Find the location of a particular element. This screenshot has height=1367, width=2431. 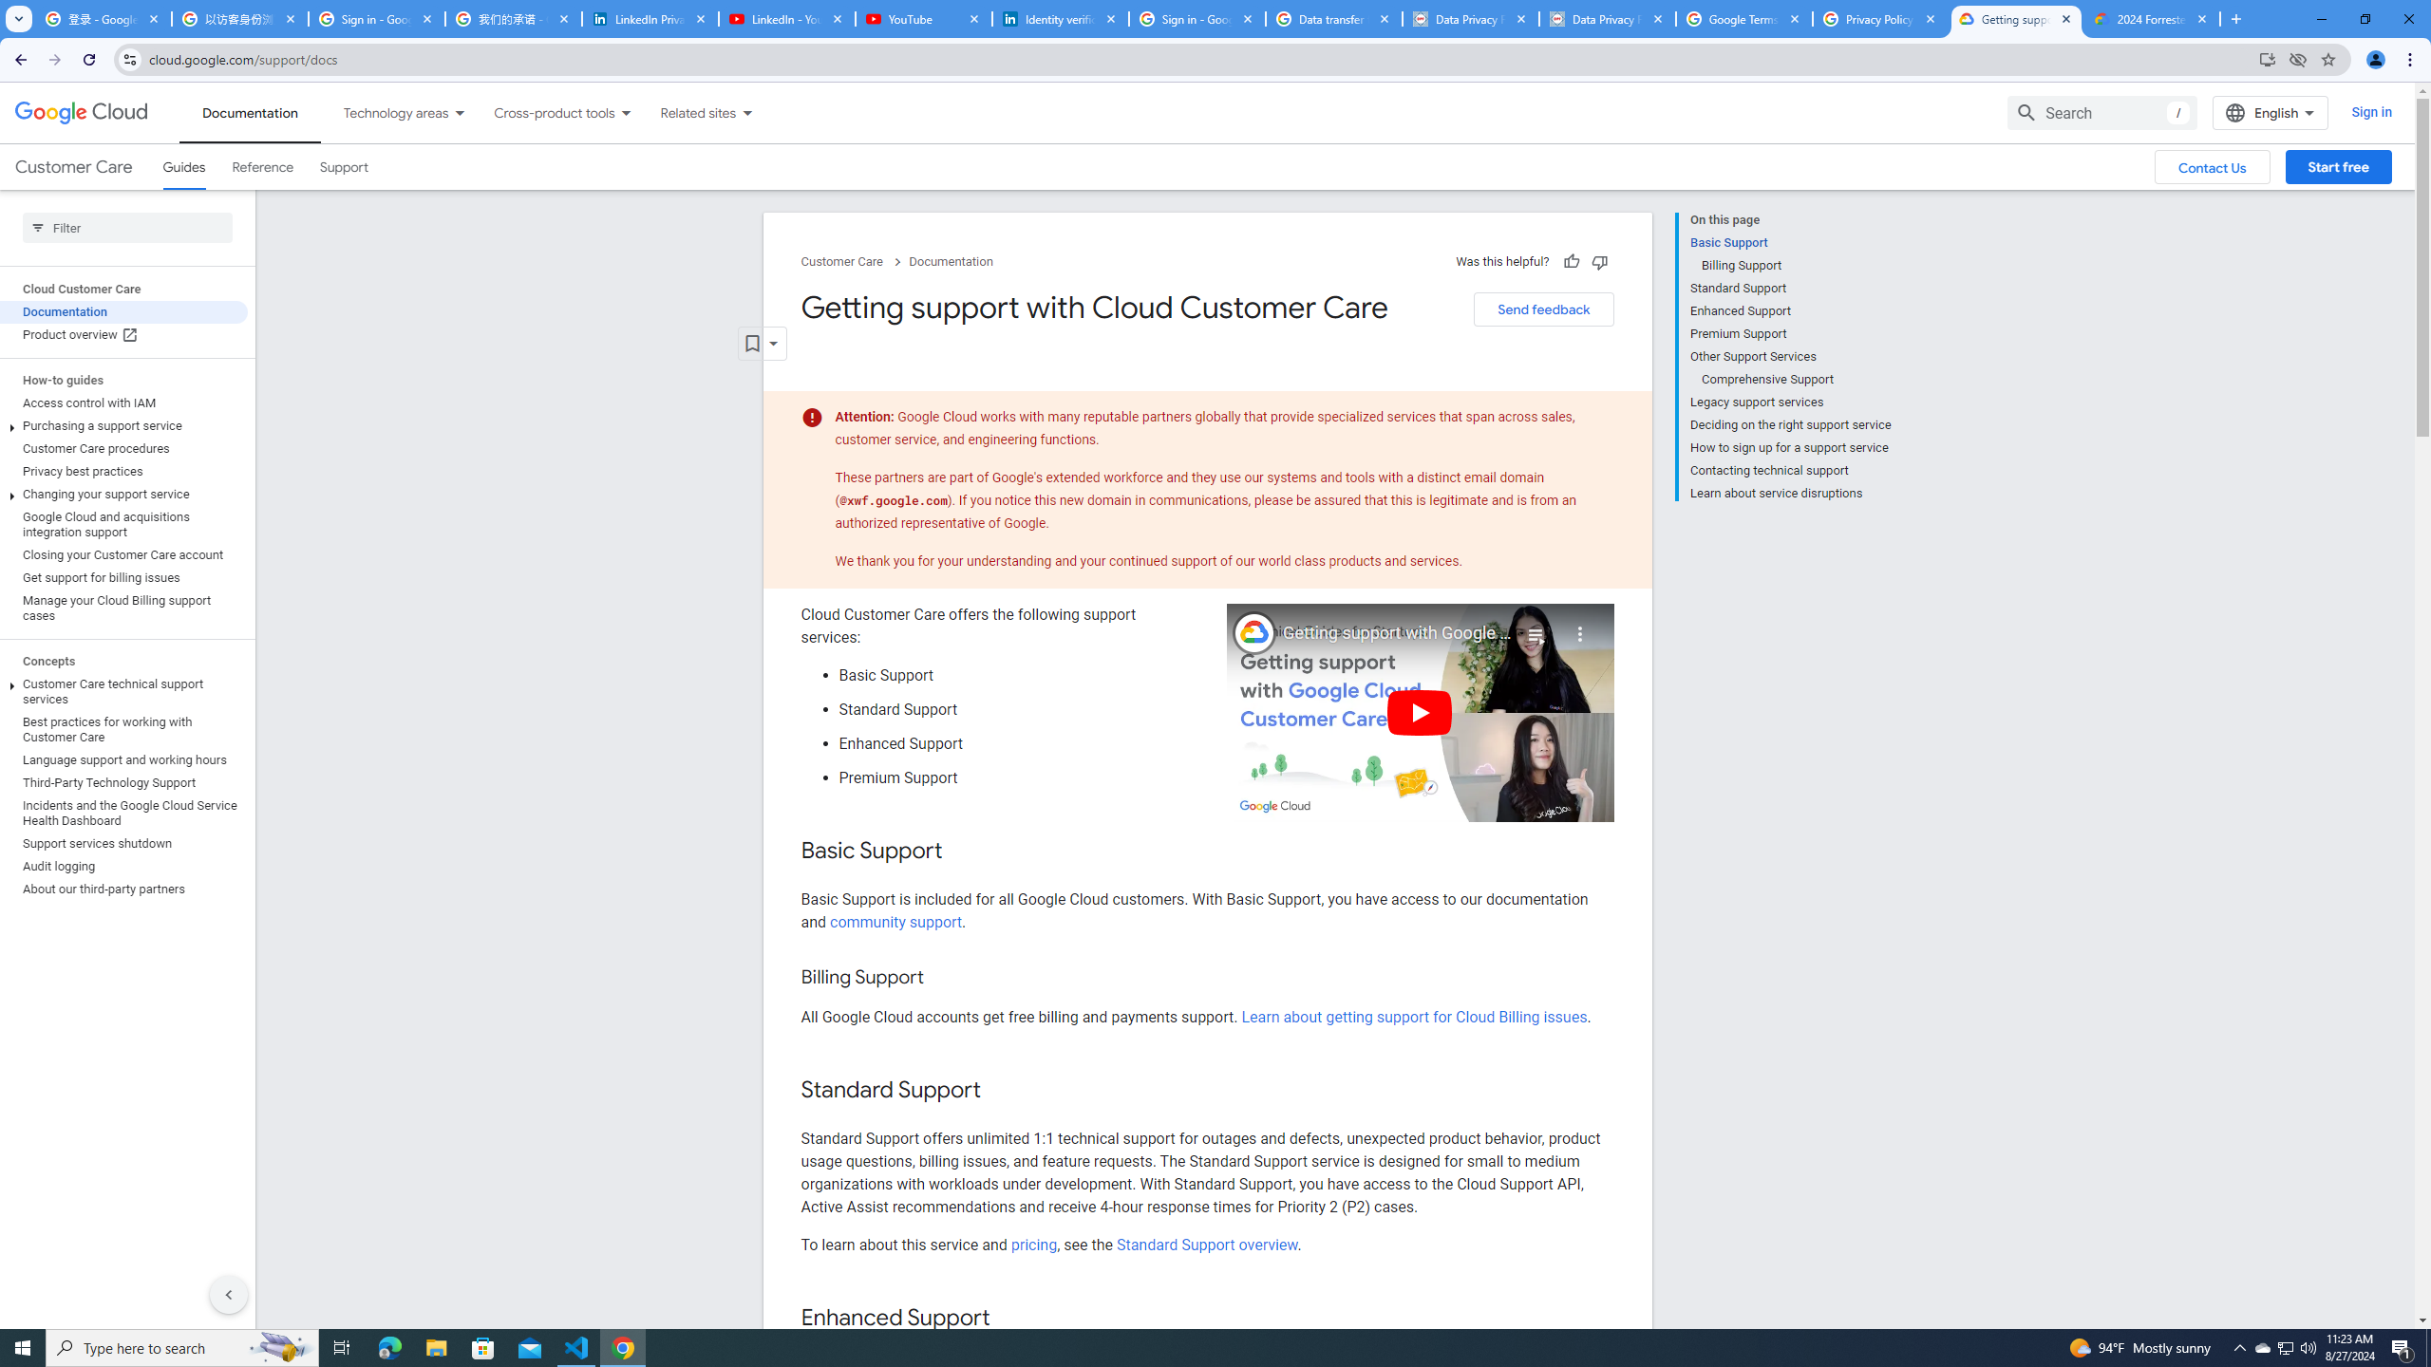

'Product overview' is located at coordinates (123, 334).